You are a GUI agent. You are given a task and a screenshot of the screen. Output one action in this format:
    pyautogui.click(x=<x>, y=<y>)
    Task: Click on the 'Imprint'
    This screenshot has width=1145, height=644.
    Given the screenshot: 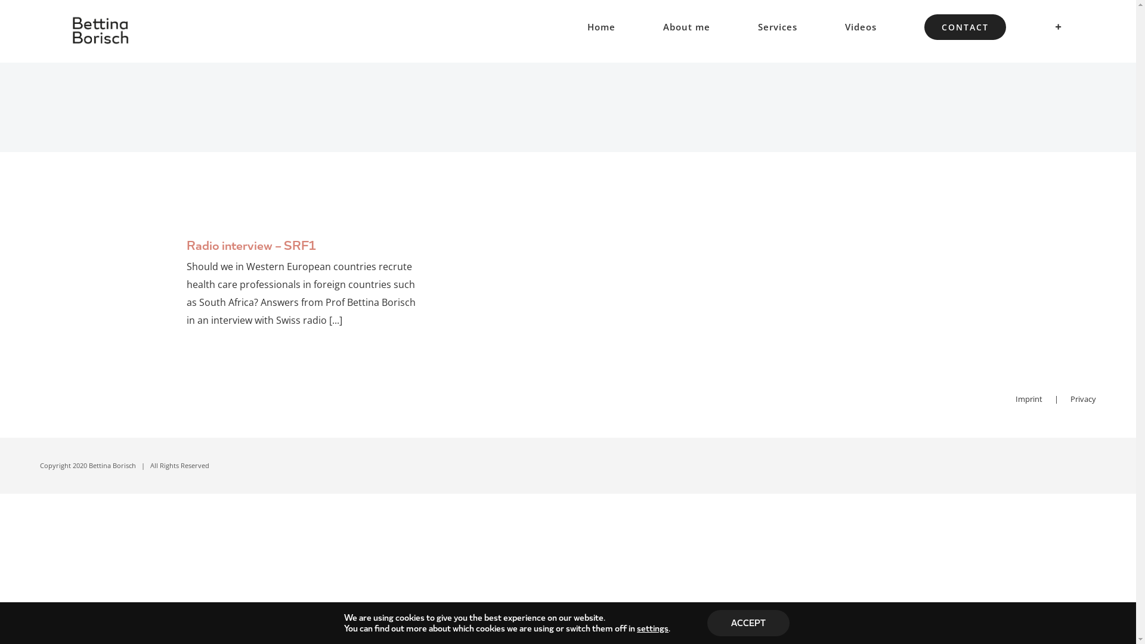 What is the action you would take?
    pyautogui.click(x=1015, y=398)
    